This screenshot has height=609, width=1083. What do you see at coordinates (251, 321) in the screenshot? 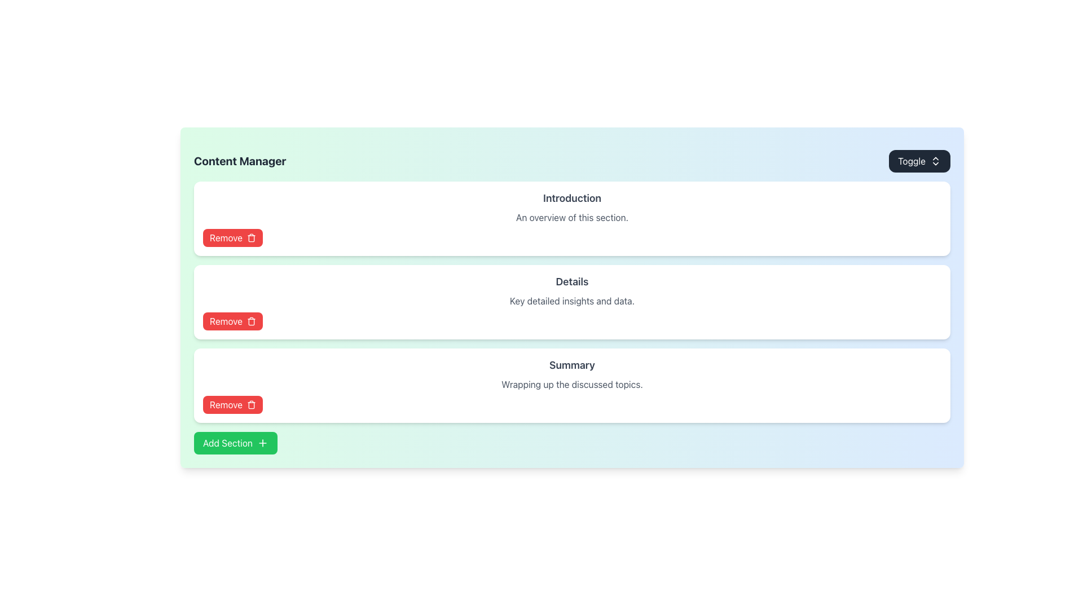
I see `the trash can icon with a red background and white stroke, located inside the third 'Remove' button from the top of the list` at bounding box center [251, 321].